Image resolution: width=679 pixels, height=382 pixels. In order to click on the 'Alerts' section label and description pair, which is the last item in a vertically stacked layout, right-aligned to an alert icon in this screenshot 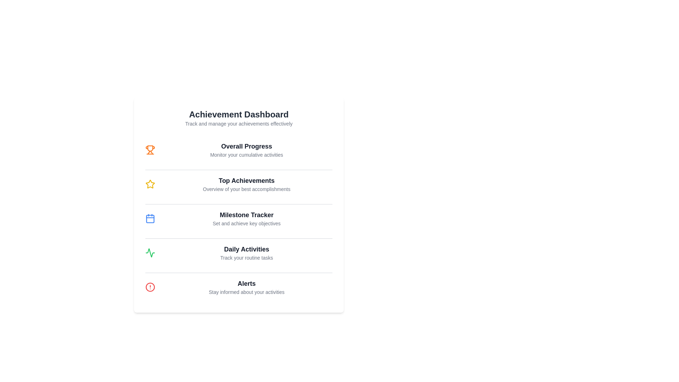, I will do `click(246, 287)`.